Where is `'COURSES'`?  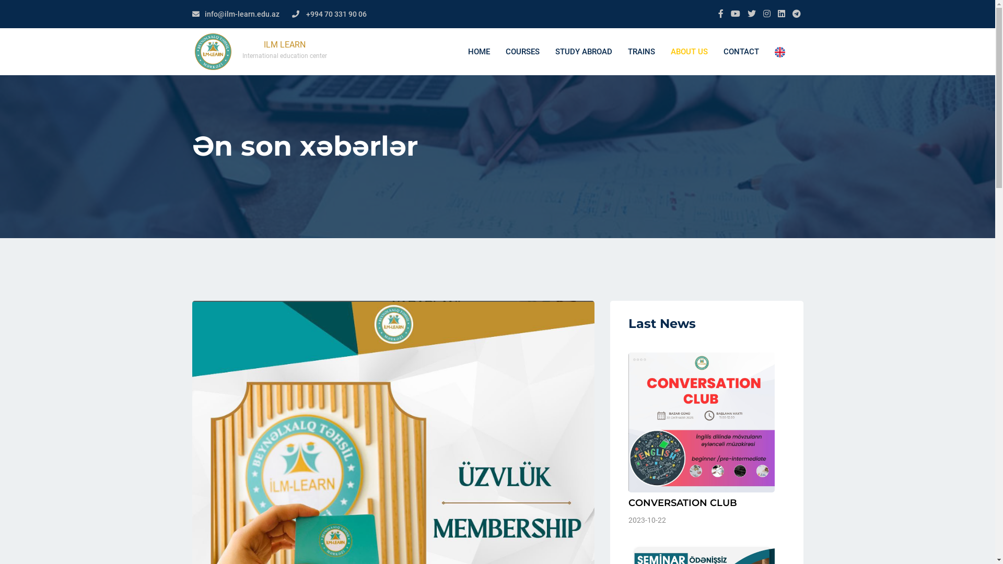
'COURSES' is located at coordinates (522, 52).